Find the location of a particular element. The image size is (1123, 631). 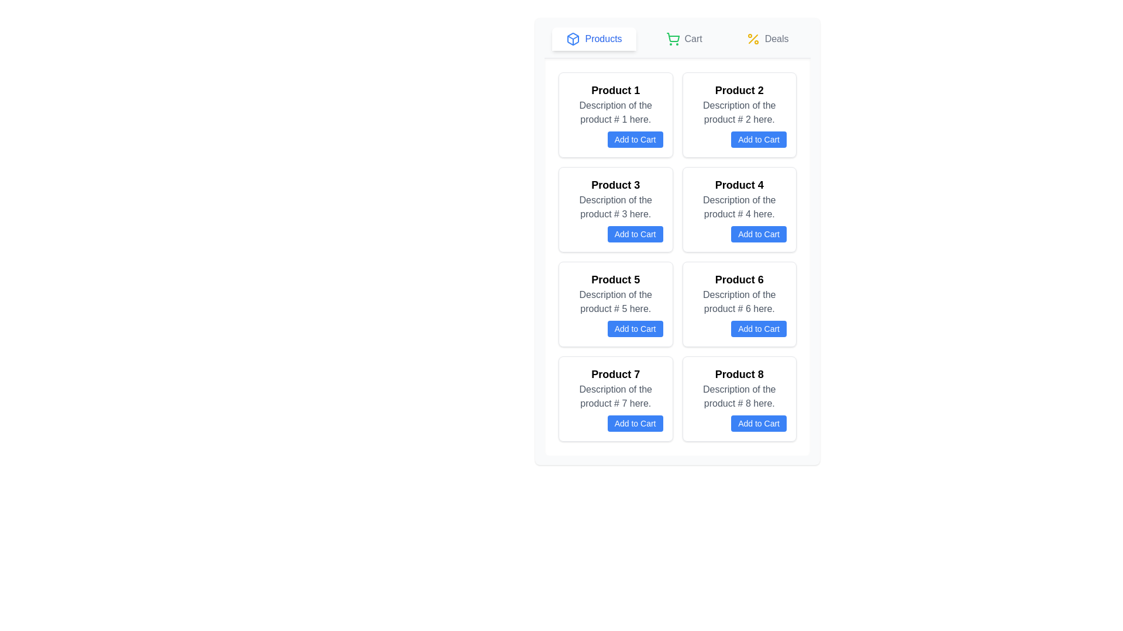

the 'Cart' button in the top navigation bar is located at coordinates (684, 38).